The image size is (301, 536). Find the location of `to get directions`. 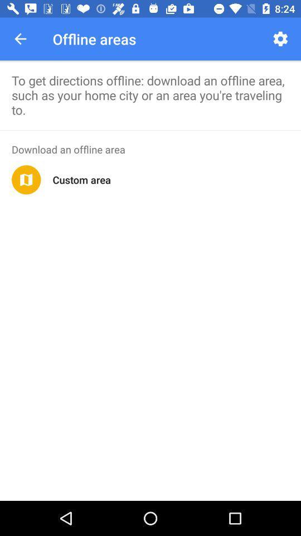

to get directions is located at coordinates (151, 94).